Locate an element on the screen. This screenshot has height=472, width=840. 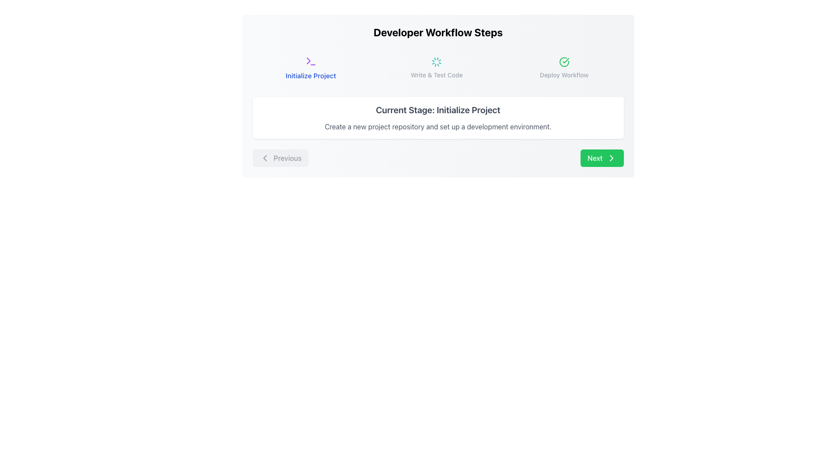
the 'Initialize Project' text label, which is styled in blue and located under the terminal prompt icon in the step-by-step guide interface is located at coordinates (311, 75).